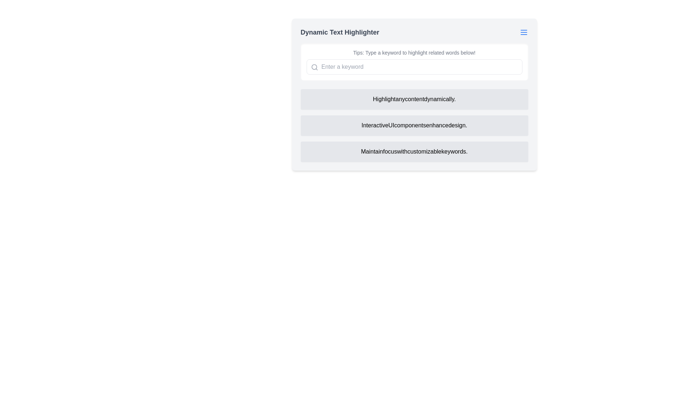 Image resolution: width=700 pixels, height=393 pixels. Describe the element at coordinates (414, 151) in the screenshot. I see `text content of the A styled text display component that says 'Maintain focus with customizable keywords.'` at that location.